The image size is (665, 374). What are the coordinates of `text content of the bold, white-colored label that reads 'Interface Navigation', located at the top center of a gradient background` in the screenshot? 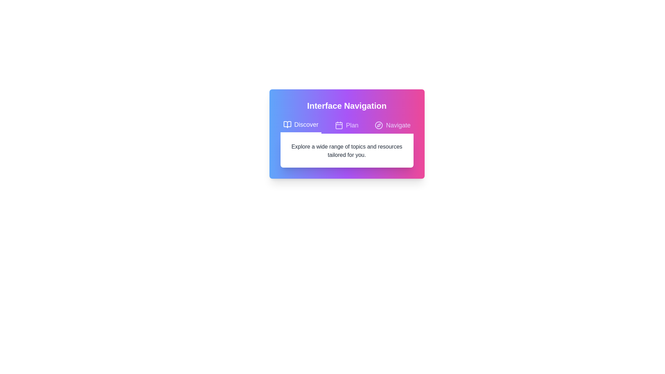 It's located at (347, 106).